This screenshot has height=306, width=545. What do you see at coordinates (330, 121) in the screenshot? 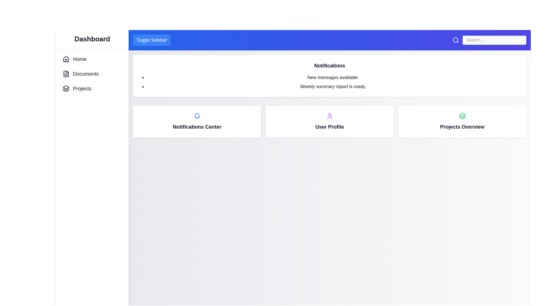
I see `the clickable card located horizontally centered in the middle column, beneath the 'Notifications' section` at bounding box center [330, 121].